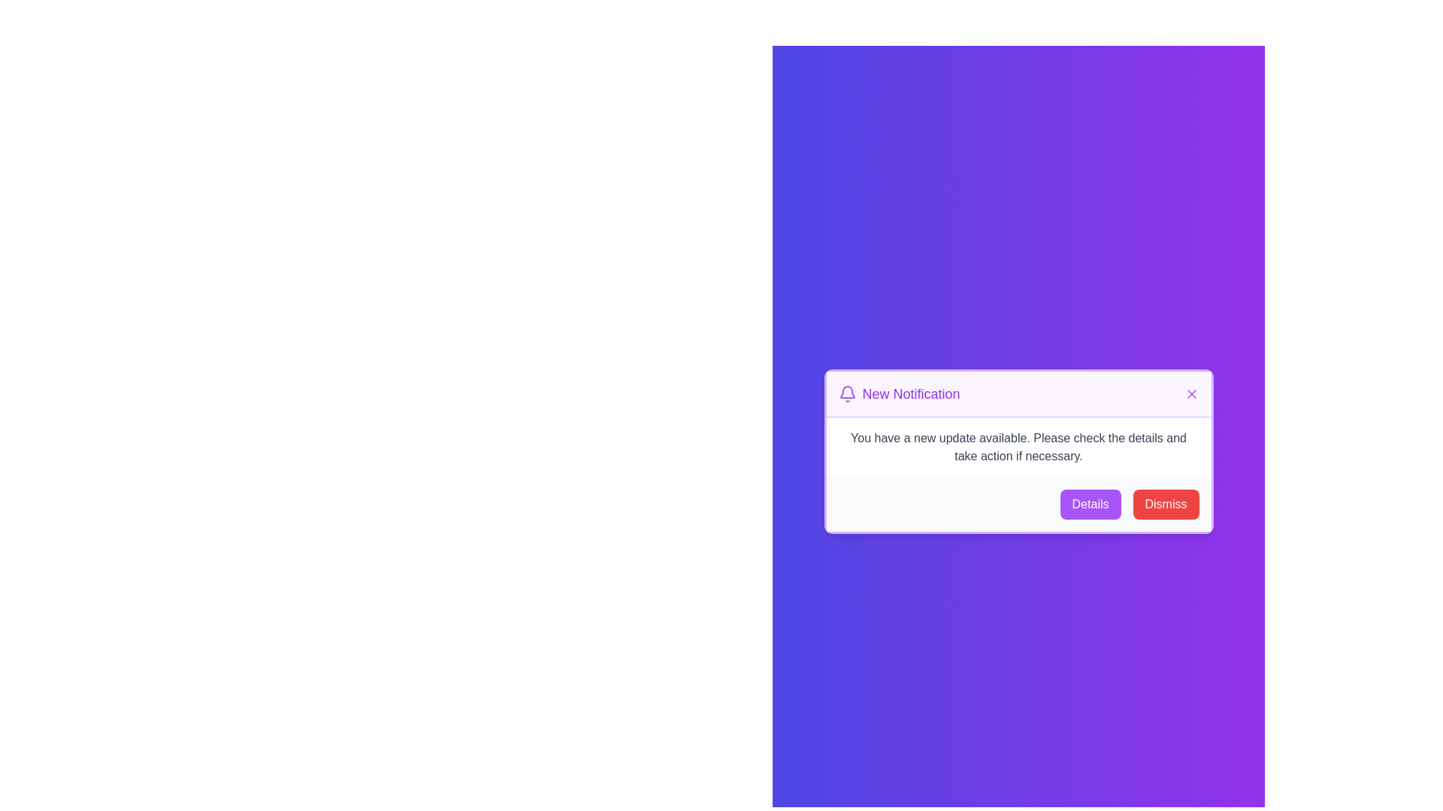  Describe the element at coordinates (1190, 393) in the screenshot. I see `the slanted vector line segment forming part of the cross in the SVG located in the top-right corner of the notification card to indicate interactivity` at that location.